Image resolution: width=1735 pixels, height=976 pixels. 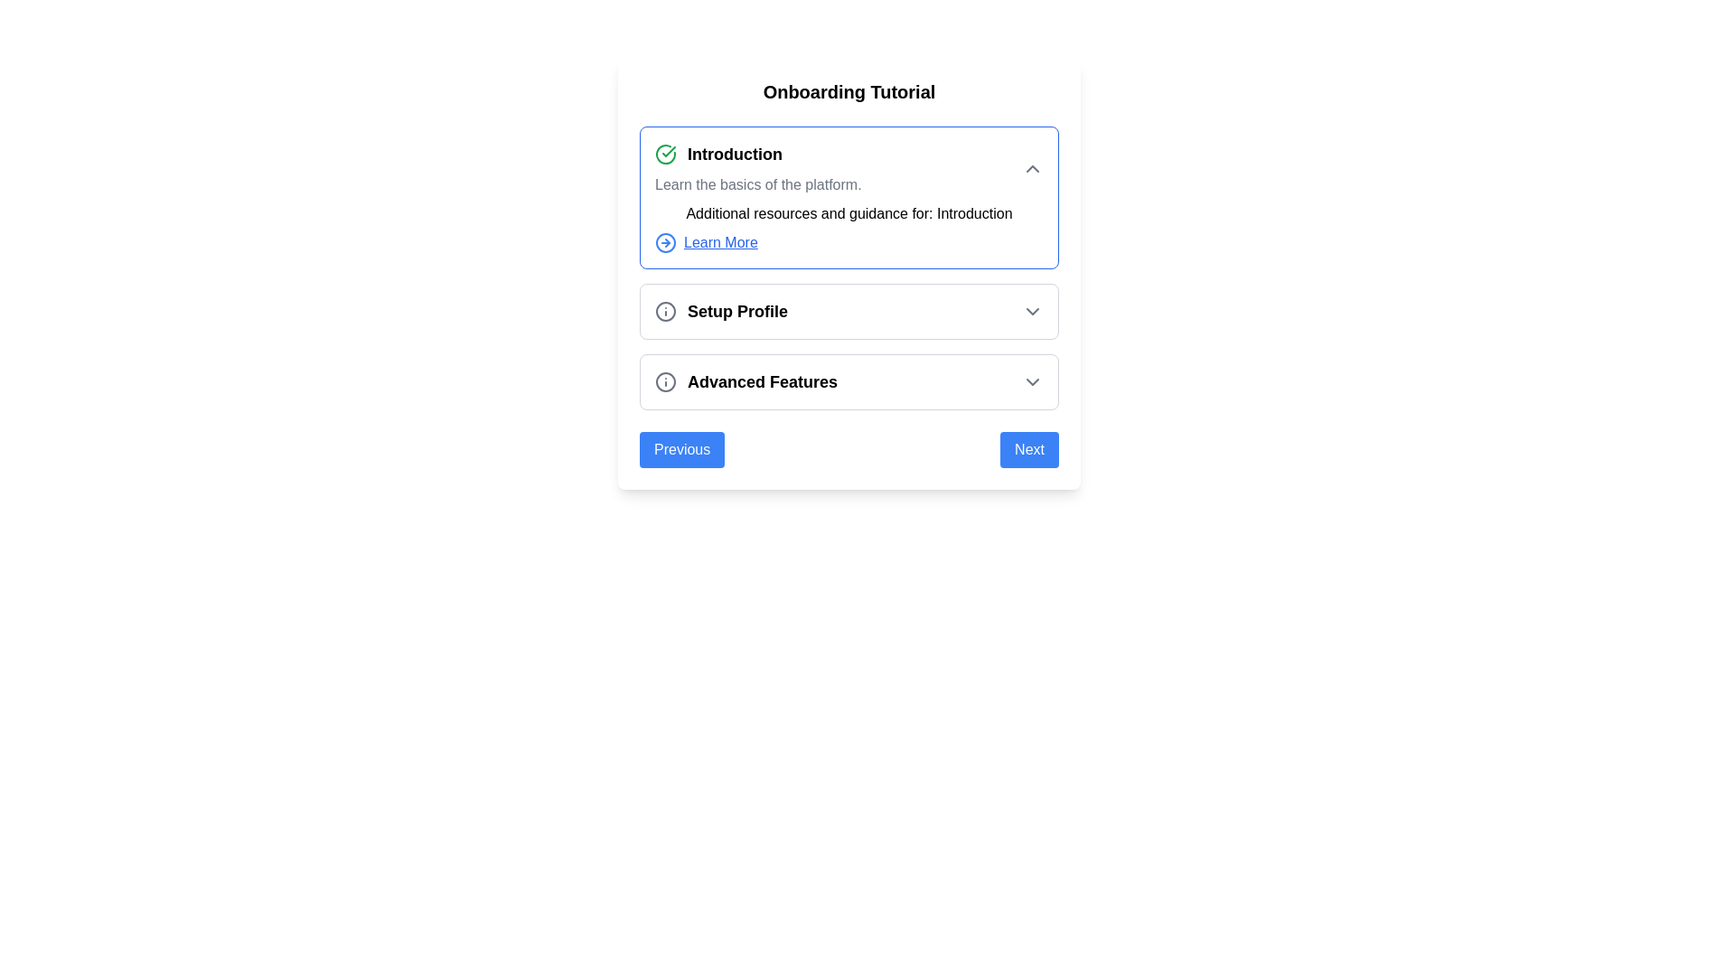 I want to click on the text label displaying 'Onboarding Tutorial' which is styled with bold and large font size, located at the top of a rectangular white panel, so click(x=849, y=91).